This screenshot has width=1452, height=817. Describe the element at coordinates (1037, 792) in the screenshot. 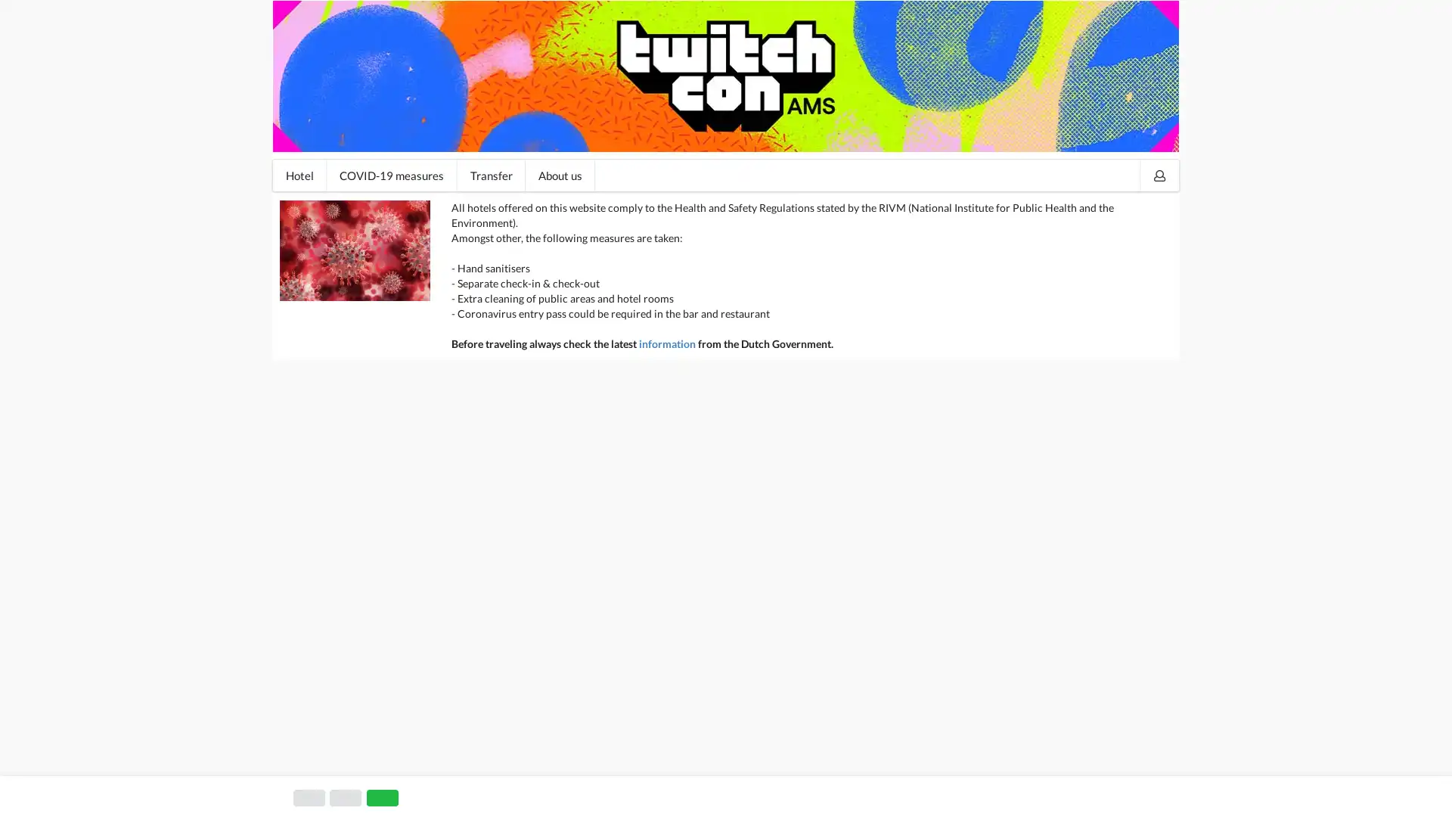

I see `Disable All` at that location.